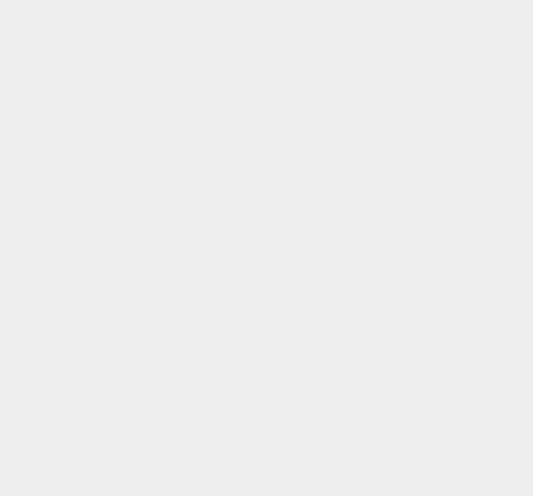 Image resolution: width=533 pixels, height=496 pixels. I want to click on 'Graphic Design', so click(398, 80).